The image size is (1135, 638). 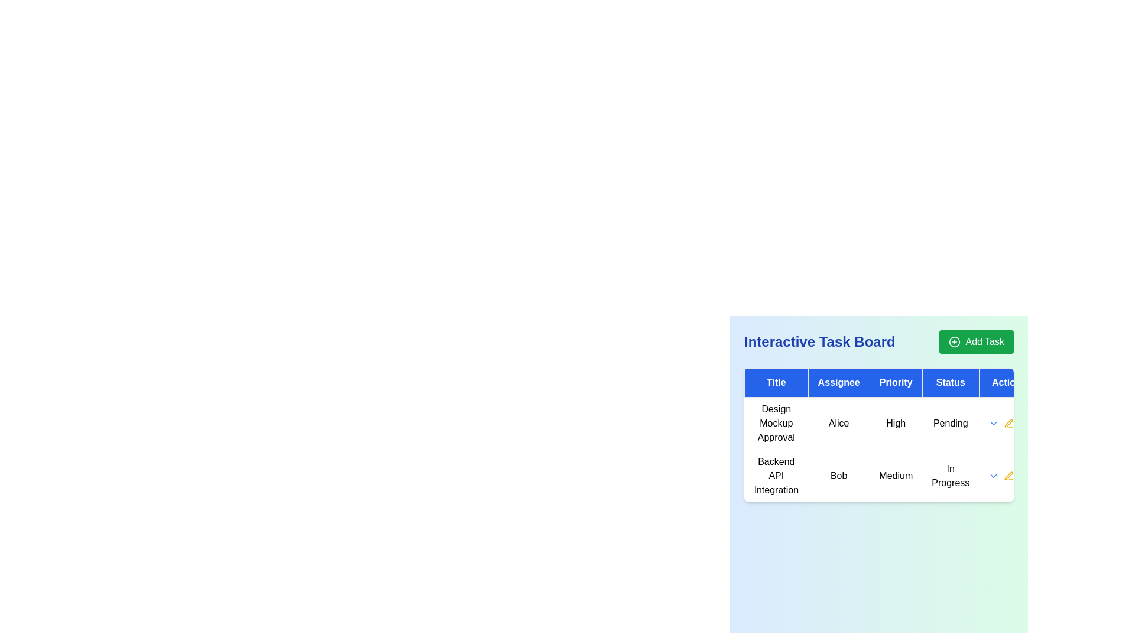 I want to click on the 'Assignee' column header in the task management interface, which is the second item in the header row of the table, so click(x=838, y=383).